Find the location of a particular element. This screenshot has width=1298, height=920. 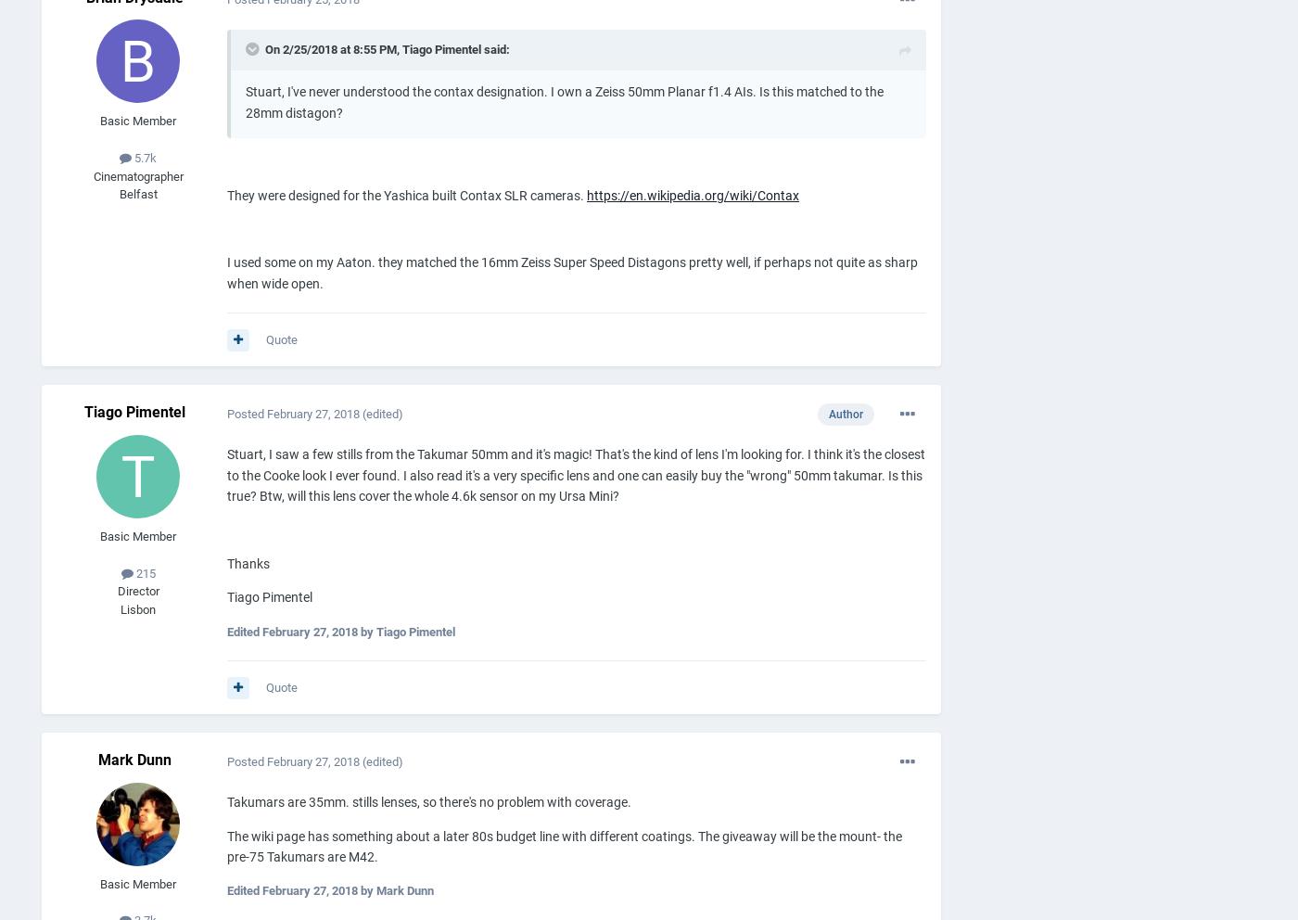

'Director' is located at coordinates (137, 591).